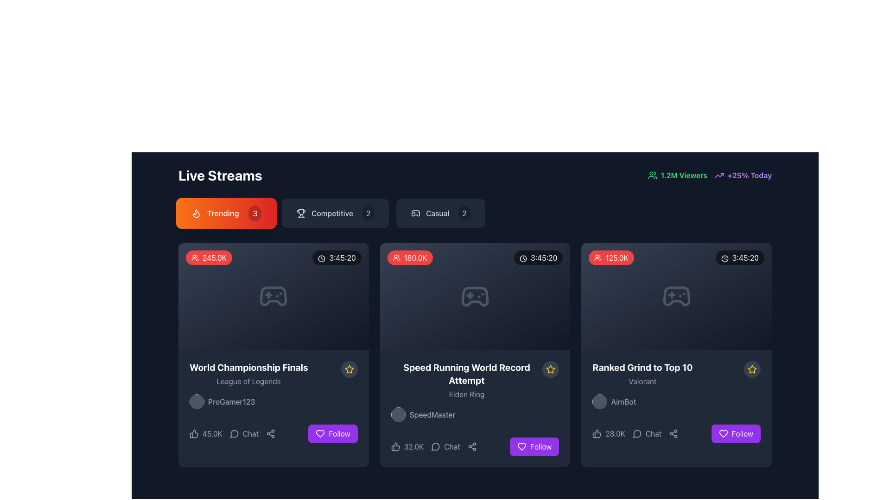 The height and width of the screenshot is (500, 890). What do you see at coordinates (615, 434) in the screenshot?
I see `the text label displaying '28.0K' which is styled in light gray against a dark background, located beneath the 'Ranked Grind to Top 10' card and to the right of the thumbs-up icon` at bounding box center [615, 434].